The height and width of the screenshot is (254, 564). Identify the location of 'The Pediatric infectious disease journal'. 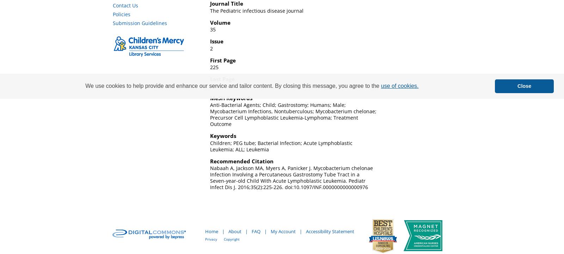
(257, 10).